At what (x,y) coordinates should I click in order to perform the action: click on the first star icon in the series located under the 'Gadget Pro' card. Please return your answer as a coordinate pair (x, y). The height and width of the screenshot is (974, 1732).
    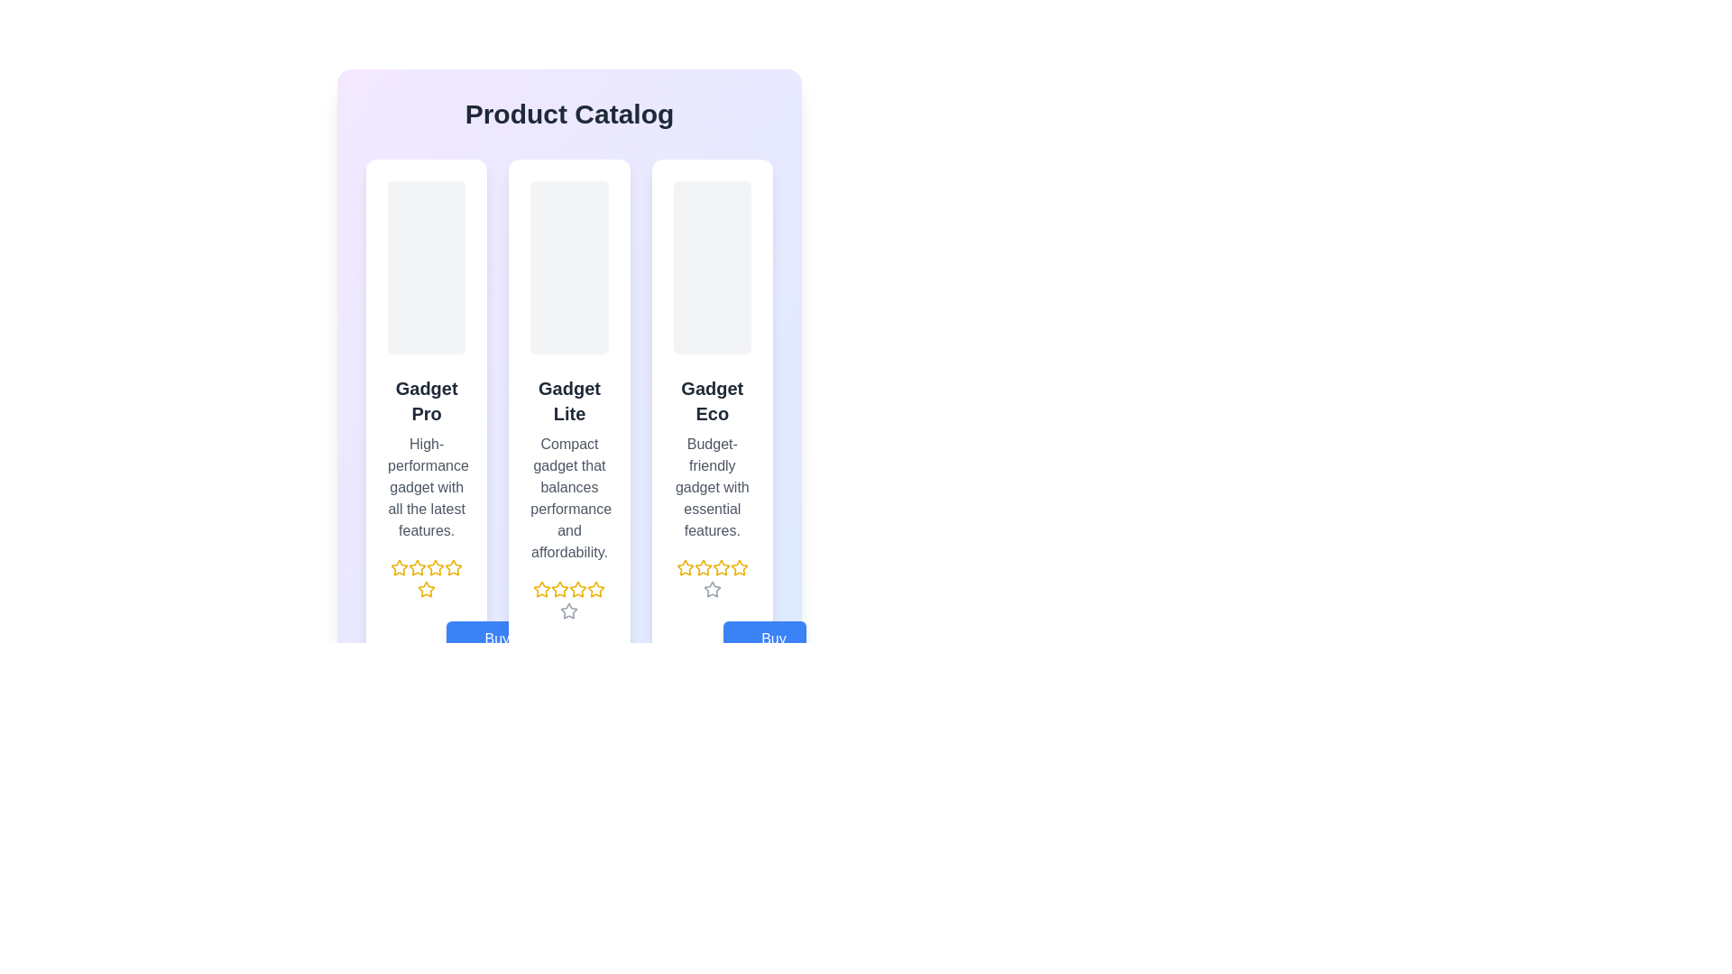
    Looking at the image, I should click on (398, 565).